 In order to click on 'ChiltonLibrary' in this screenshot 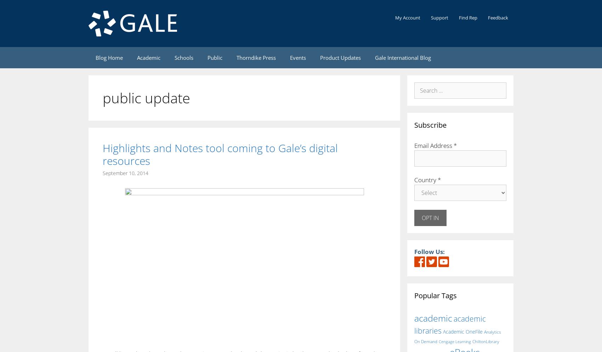, I will do `click(472, 341)`.